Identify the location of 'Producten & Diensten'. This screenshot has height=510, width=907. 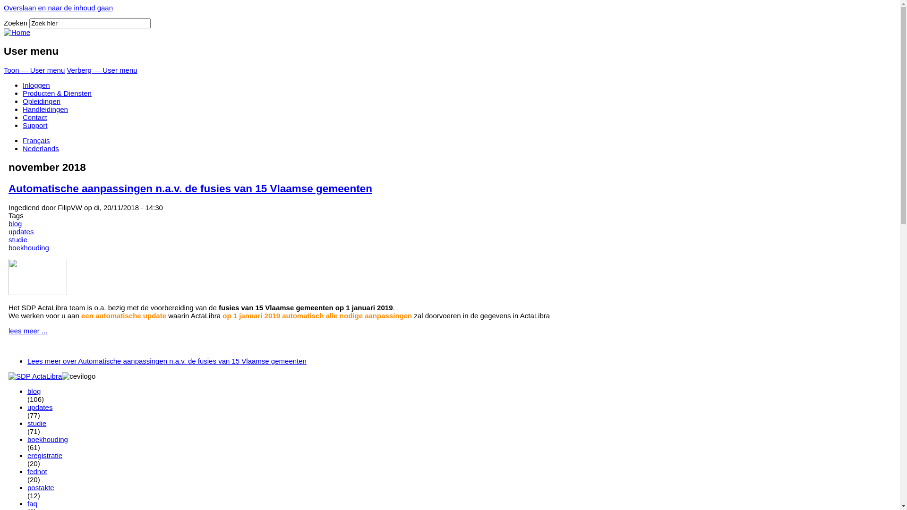
(56, 93).